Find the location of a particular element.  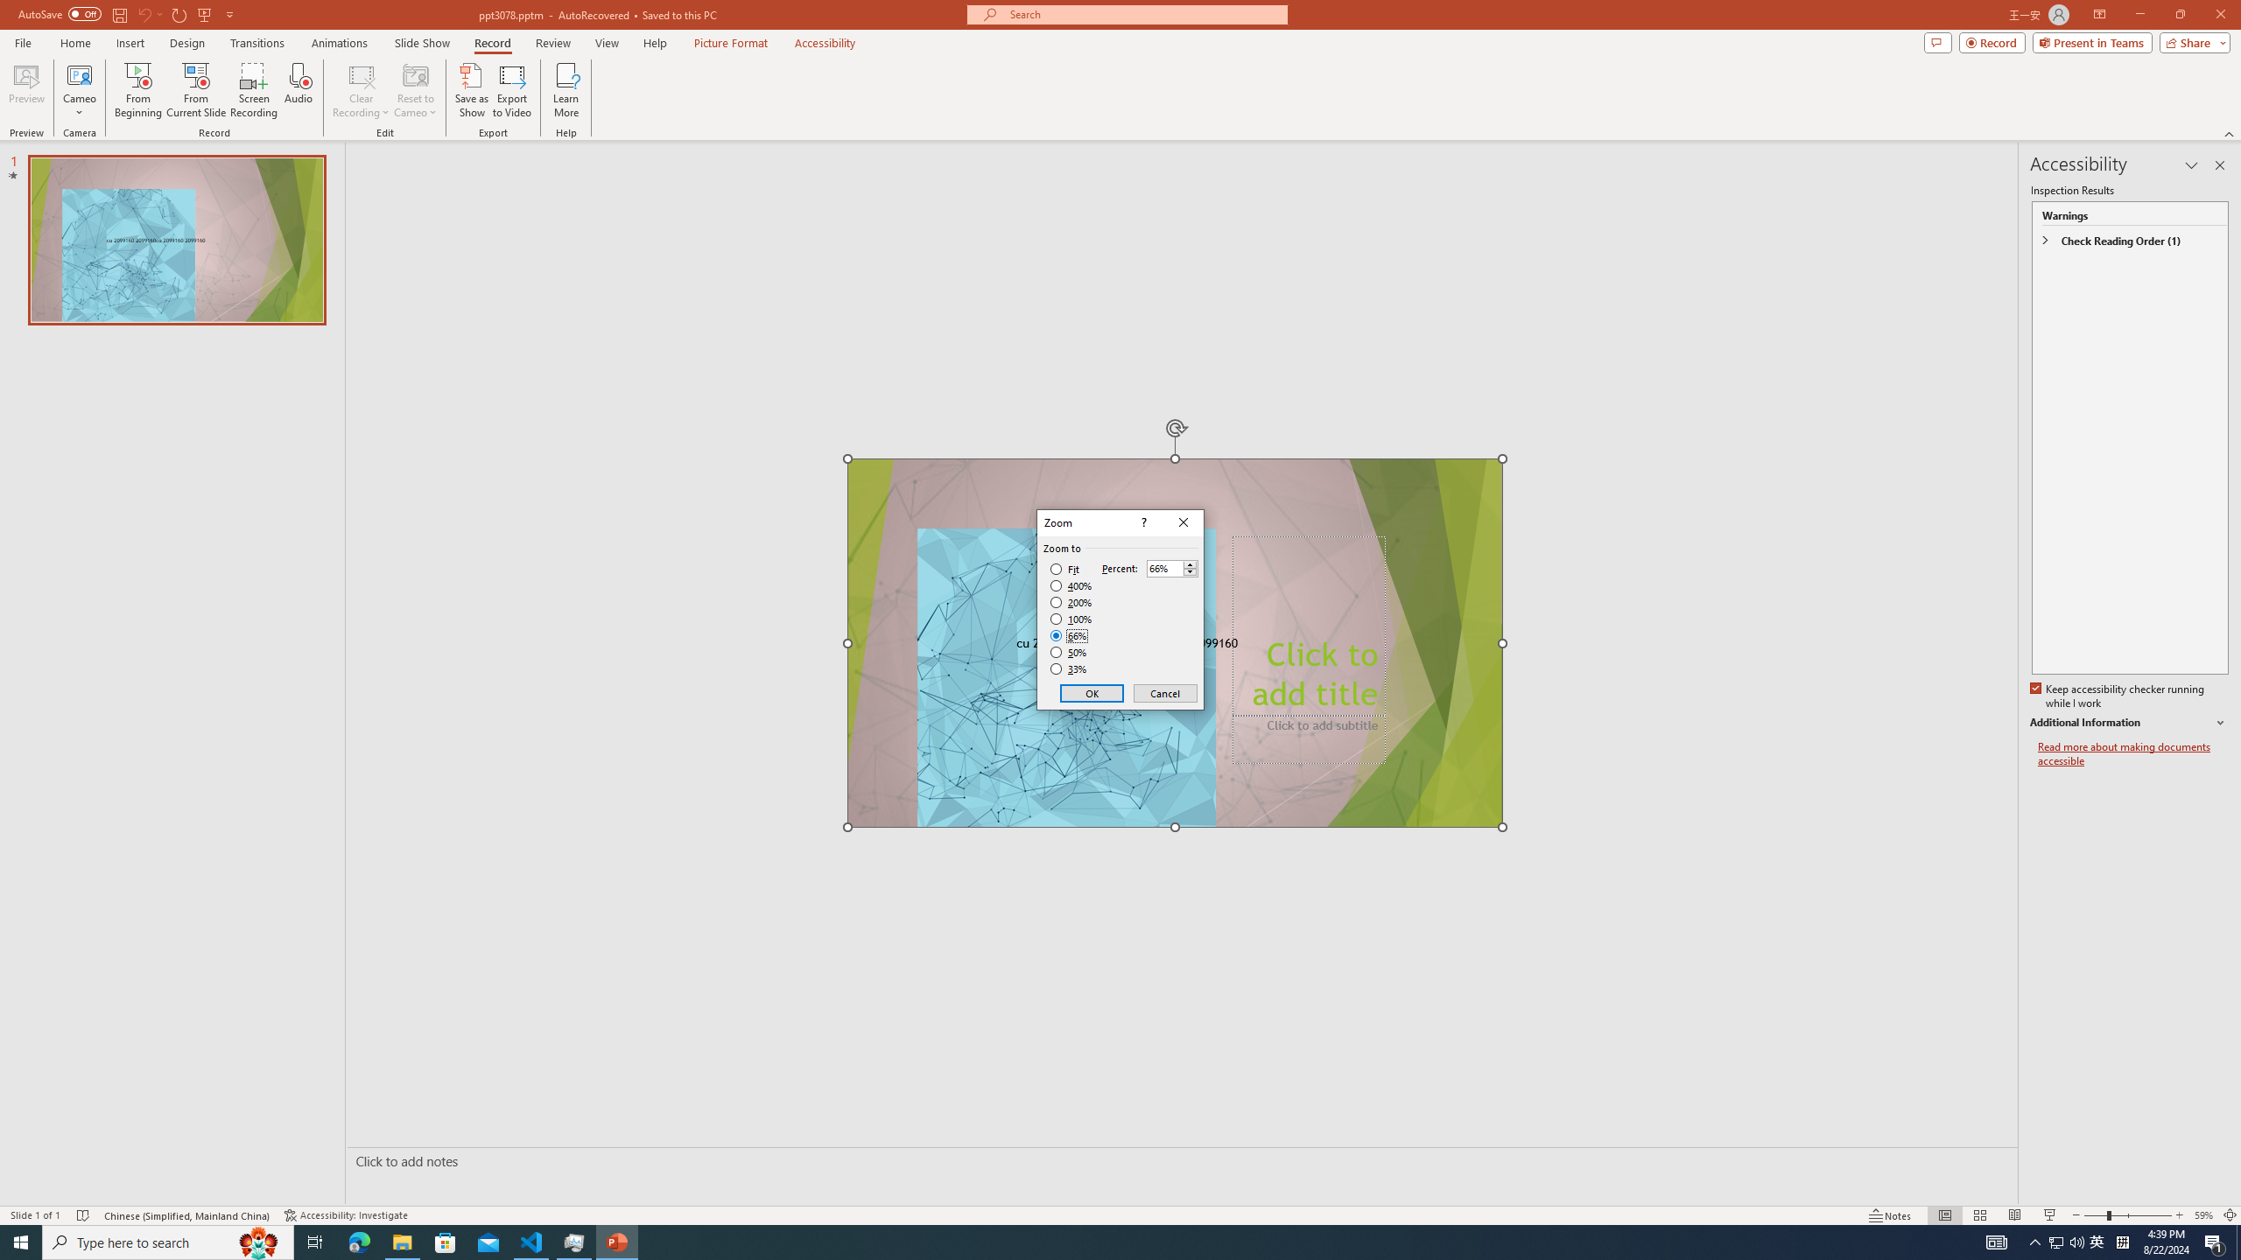

'Audio' is located at coordinates (297, 90).